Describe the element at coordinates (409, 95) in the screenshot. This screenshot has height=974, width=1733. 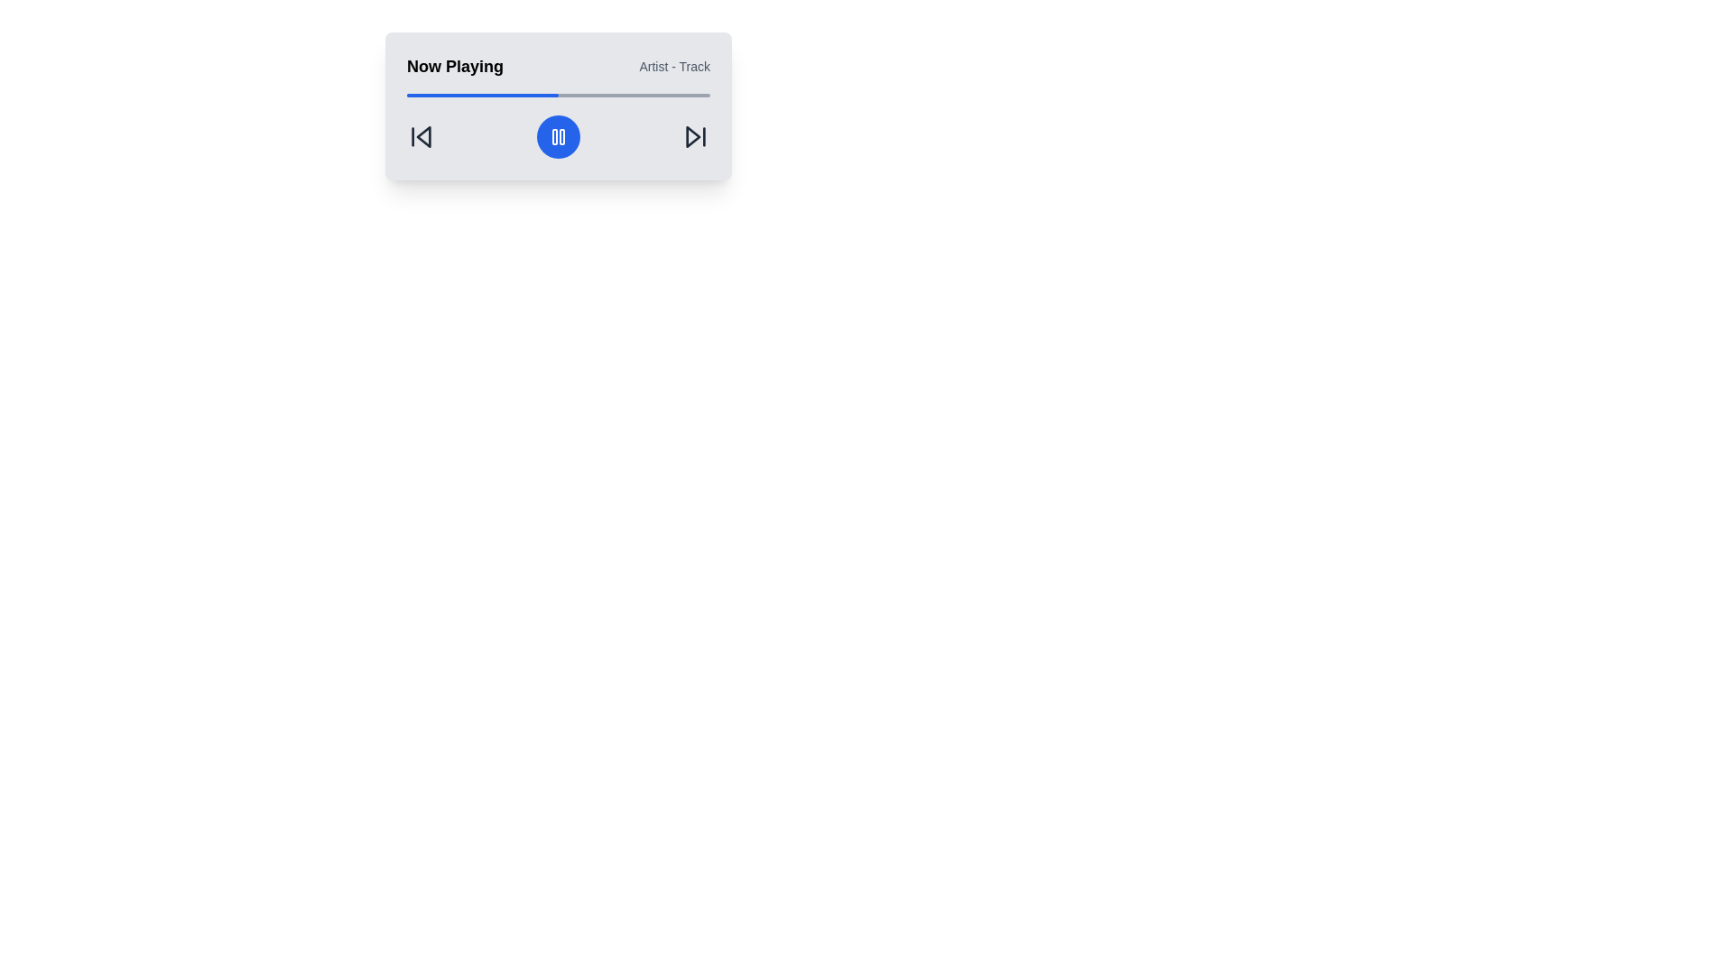
I see `the progress of the bar` at that location.